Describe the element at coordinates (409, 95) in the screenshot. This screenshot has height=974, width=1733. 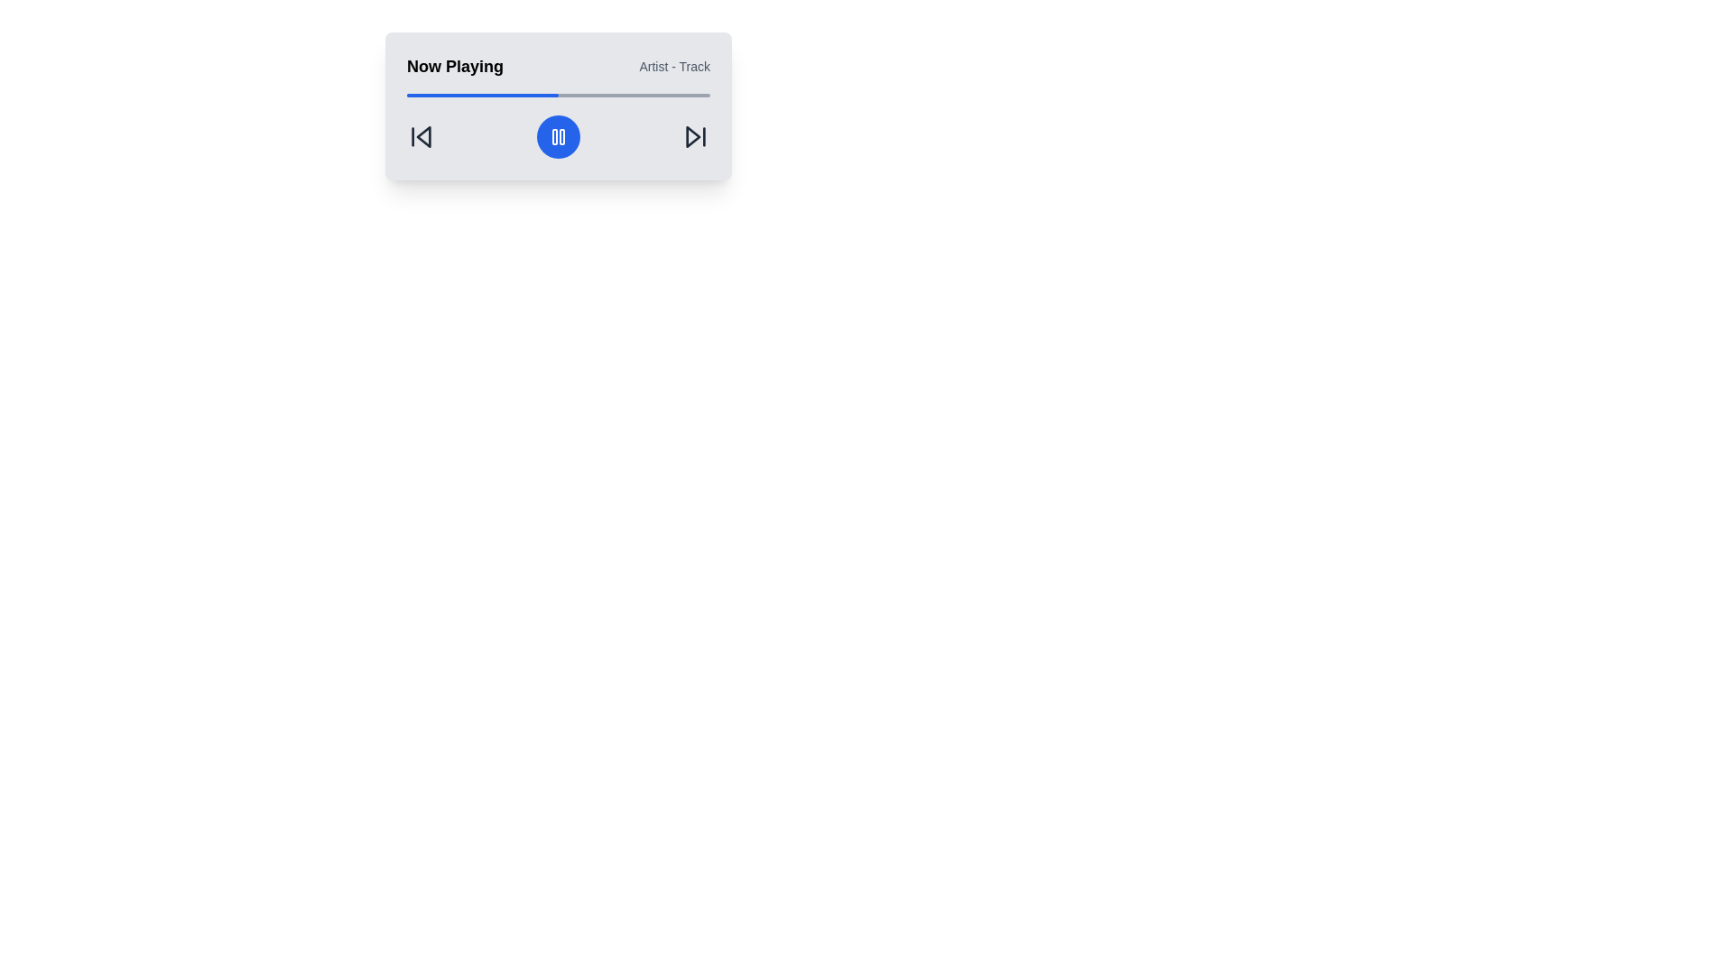
I see `the progress of the bar` at that location.